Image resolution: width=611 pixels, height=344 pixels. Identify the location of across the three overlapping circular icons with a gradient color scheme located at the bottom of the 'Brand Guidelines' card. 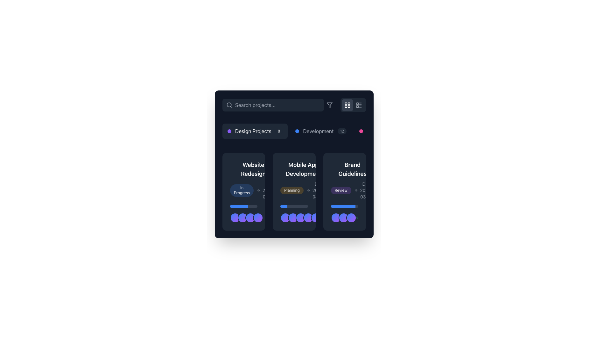
(344, 217).